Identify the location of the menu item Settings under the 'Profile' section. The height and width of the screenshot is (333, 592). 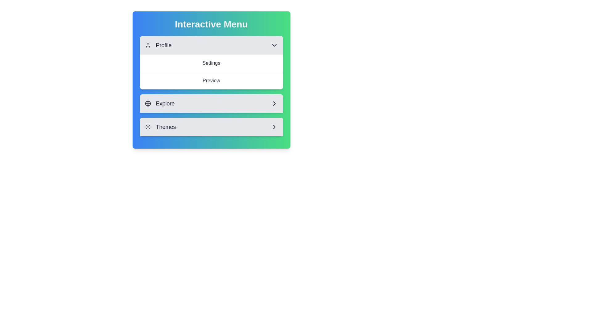
(211, 63).